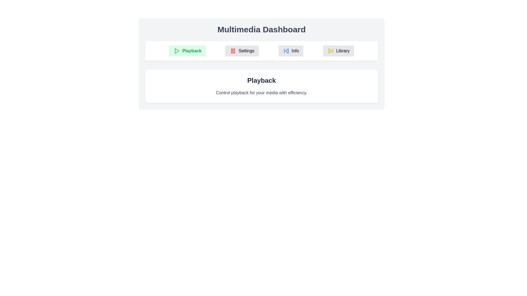 This screenshot has width=527, height=296. What do you see at coordinates (338, 51) in the screenshot?
I see `the Library tab` at bounding box center [338, 51].